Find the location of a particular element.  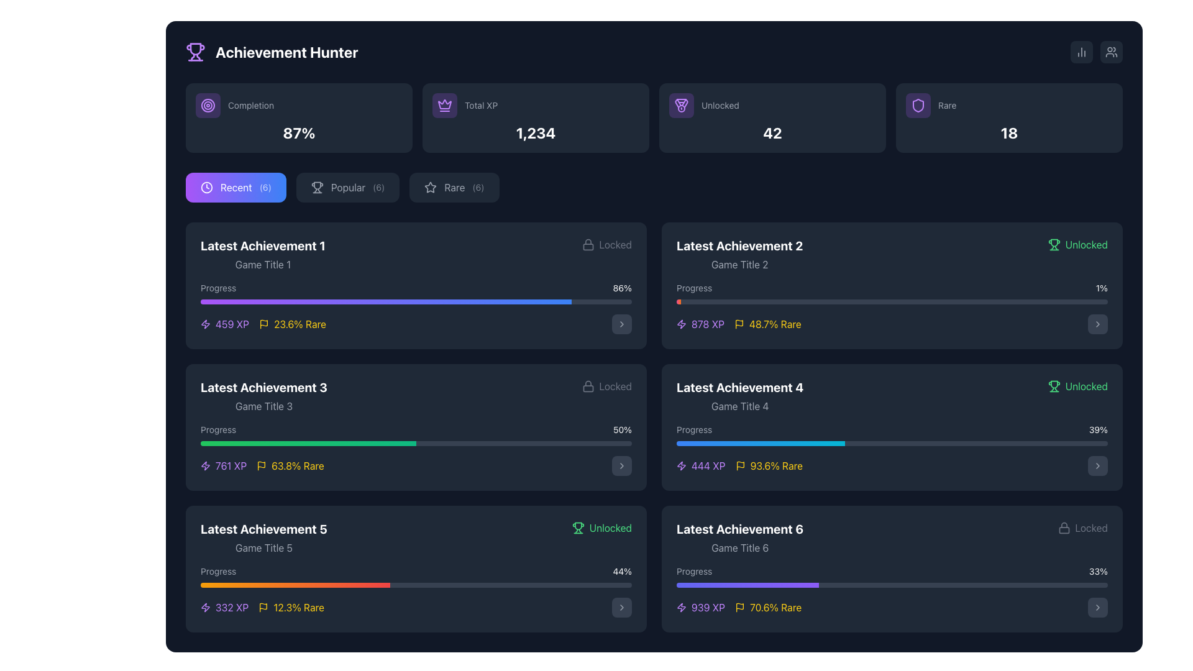

the button containing the chevron icon located in the bottom-right corner of the 'Latest Achievement 5' card is located at coordinates (622, 607).